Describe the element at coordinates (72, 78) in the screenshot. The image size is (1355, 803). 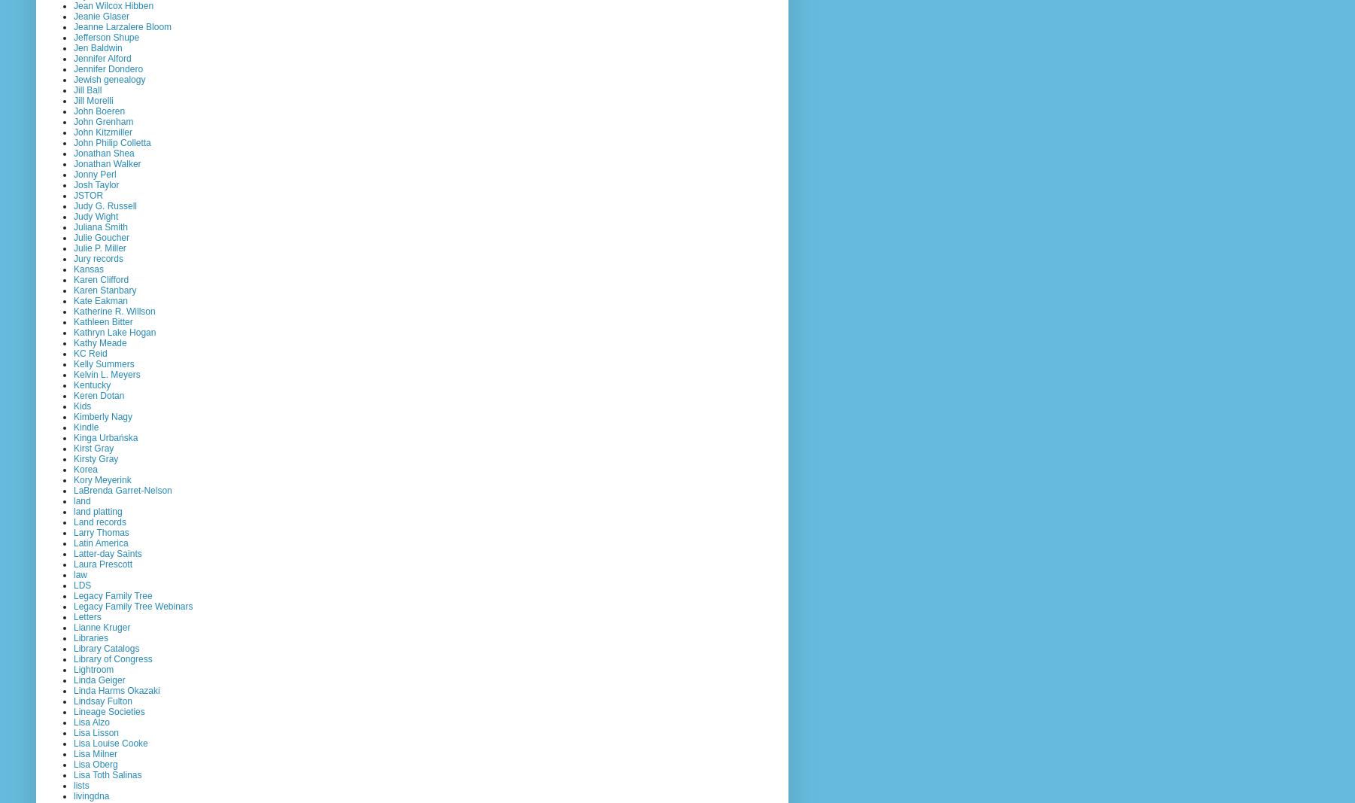
I see `'Jewish genealogy'` at that location.